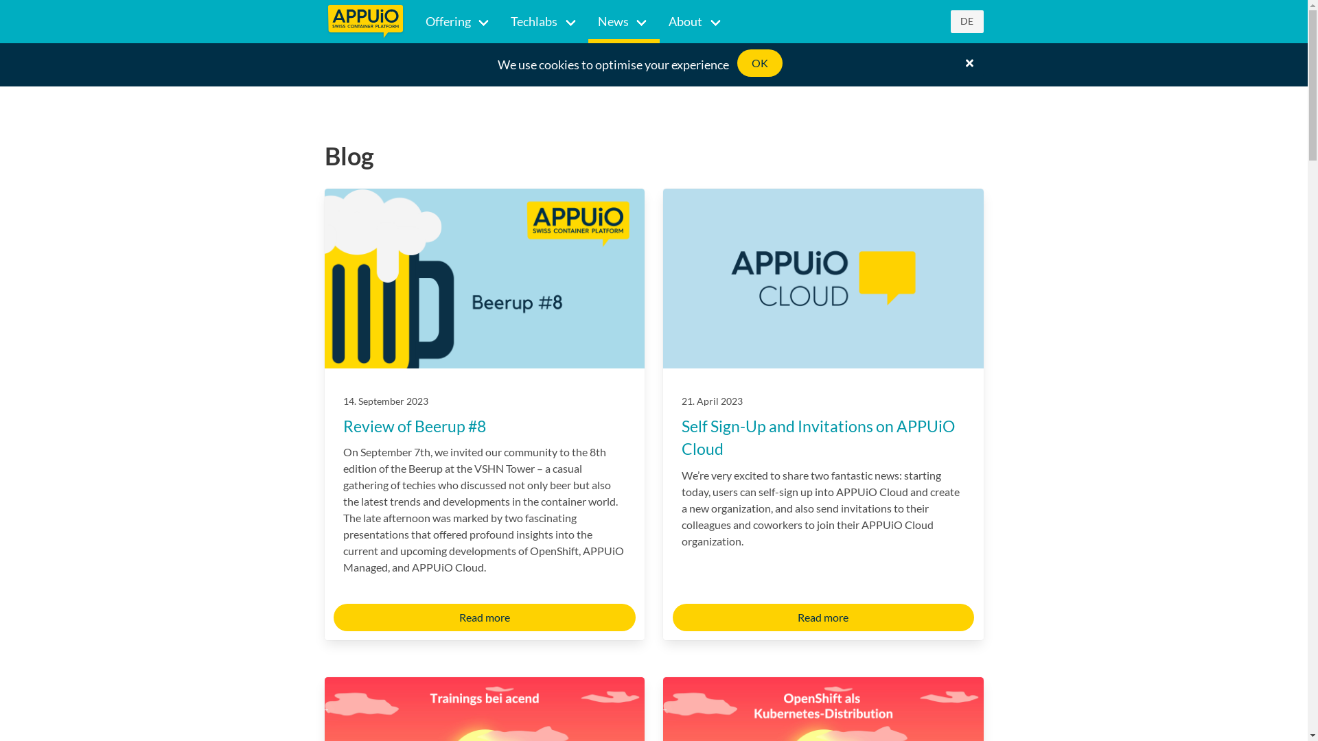 The height and width of the screenshot is (741, 1318). Describe the element at coordinates (695, 21) in the screenshot. I see `'About'` at that location.